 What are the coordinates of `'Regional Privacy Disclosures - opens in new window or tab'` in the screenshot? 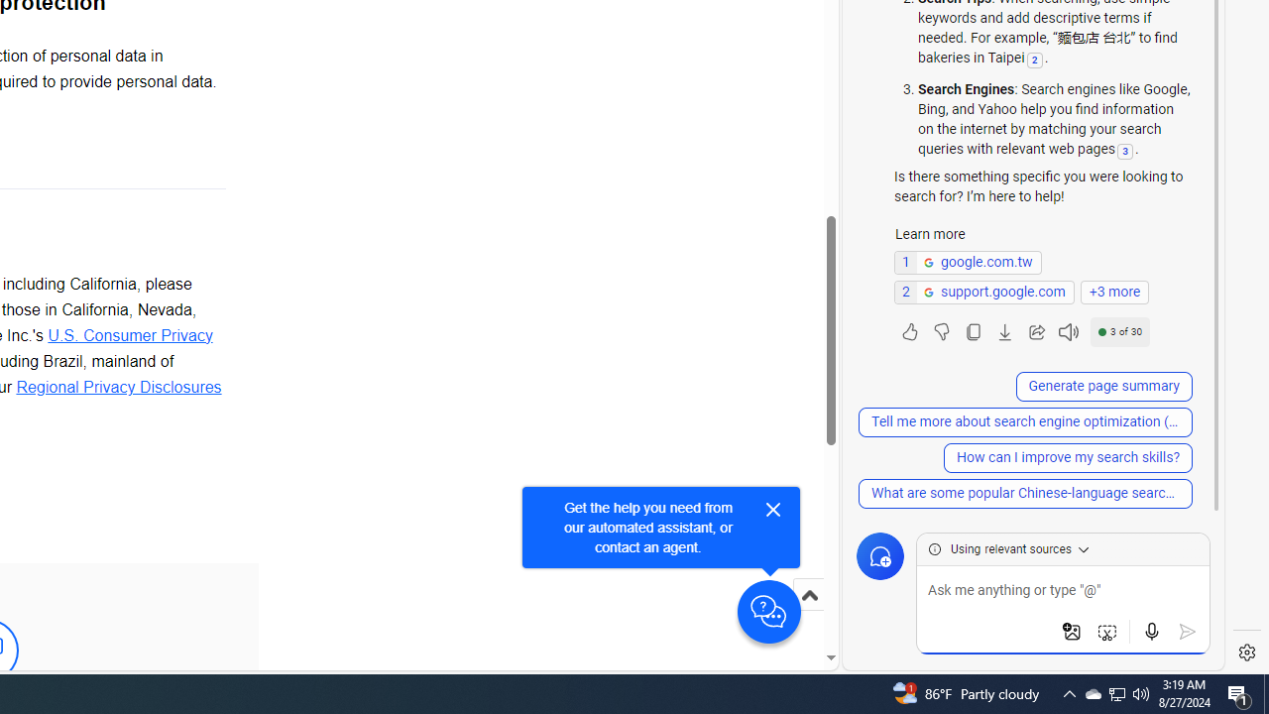 It's located at (117, 386).